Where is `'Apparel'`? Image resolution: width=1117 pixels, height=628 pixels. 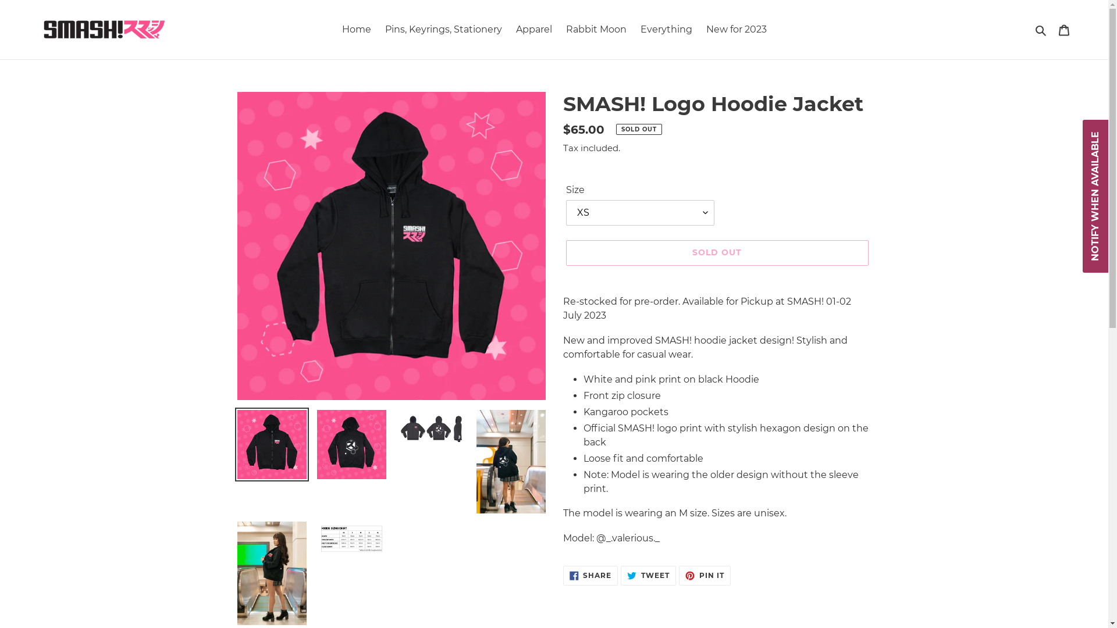 'Apparel' is located at coordinates (532, 28).